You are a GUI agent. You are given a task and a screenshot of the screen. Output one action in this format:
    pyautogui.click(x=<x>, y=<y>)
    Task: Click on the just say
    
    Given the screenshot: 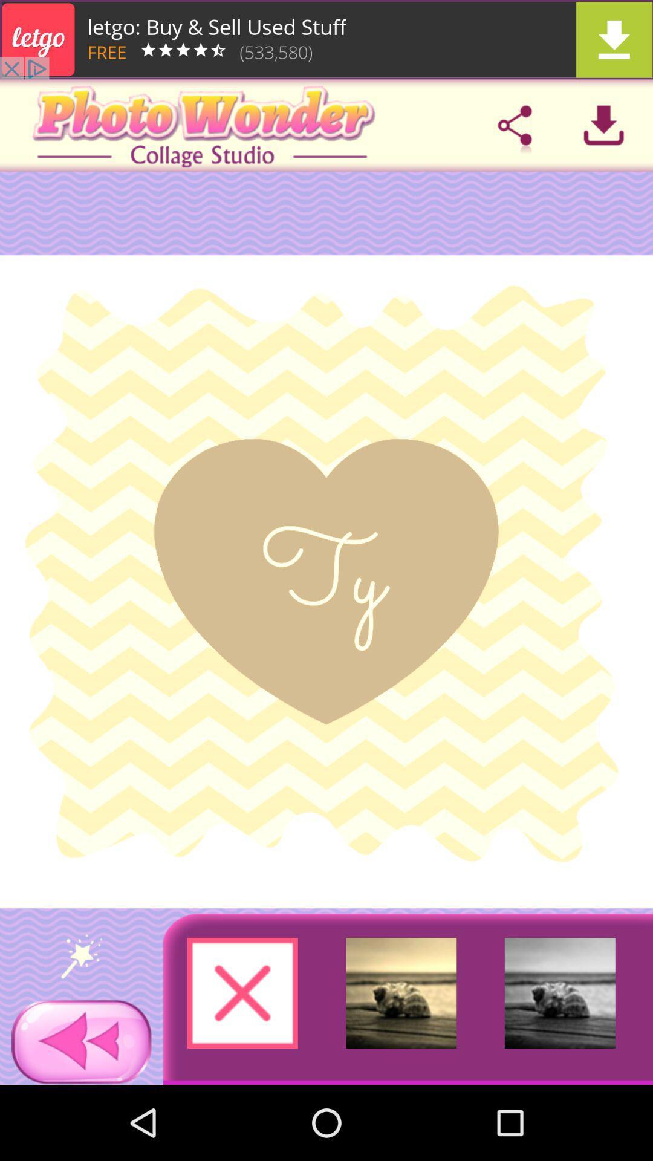 What is the action you would take?
    pyautogui.click(x=82, y=955)
    